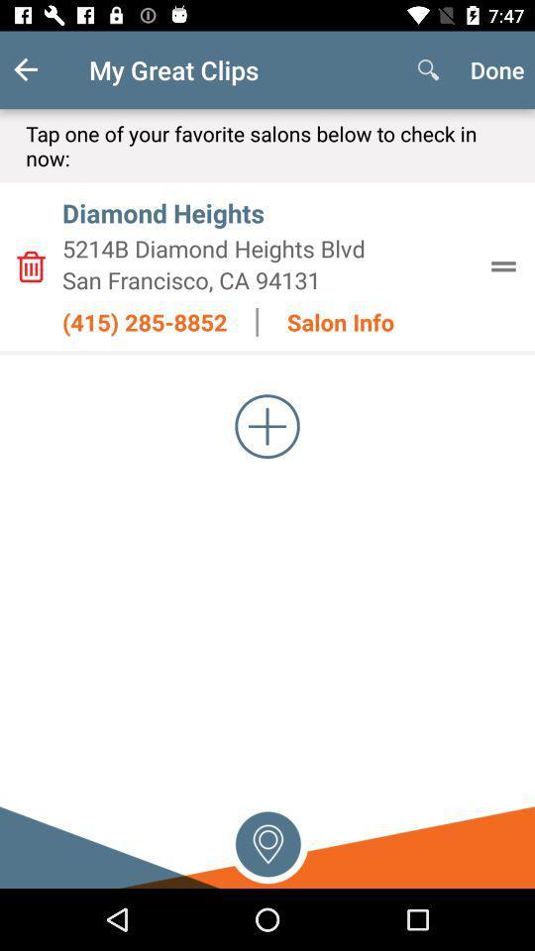 This screenshot has width=535, height=951. I want to click on the app to the right of the my great clips app, so click(427, 69).